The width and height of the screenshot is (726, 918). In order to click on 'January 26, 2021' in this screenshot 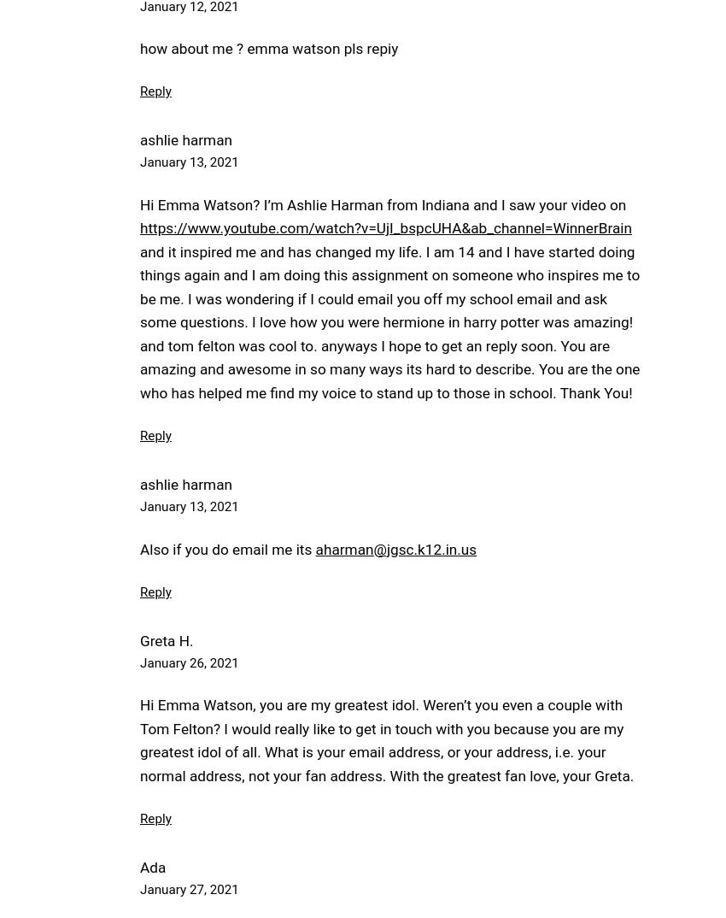, I will do `click(139, 662)`.